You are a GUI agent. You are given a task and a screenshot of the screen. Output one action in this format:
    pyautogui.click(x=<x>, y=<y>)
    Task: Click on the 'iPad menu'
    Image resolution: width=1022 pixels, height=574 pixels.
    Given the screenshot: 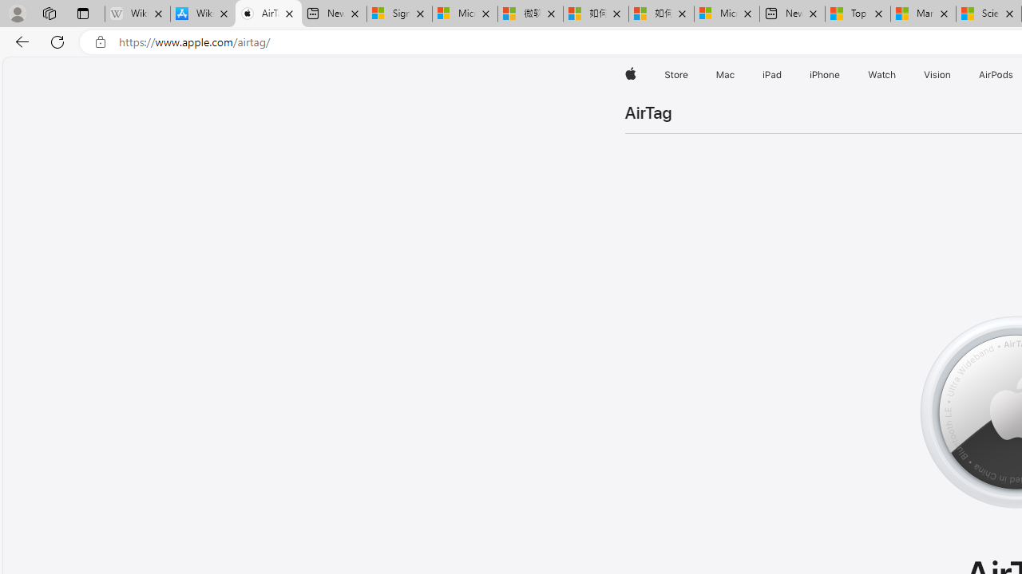 What is the action you would take?
    pyautogui.click(x=785, y=74)
    